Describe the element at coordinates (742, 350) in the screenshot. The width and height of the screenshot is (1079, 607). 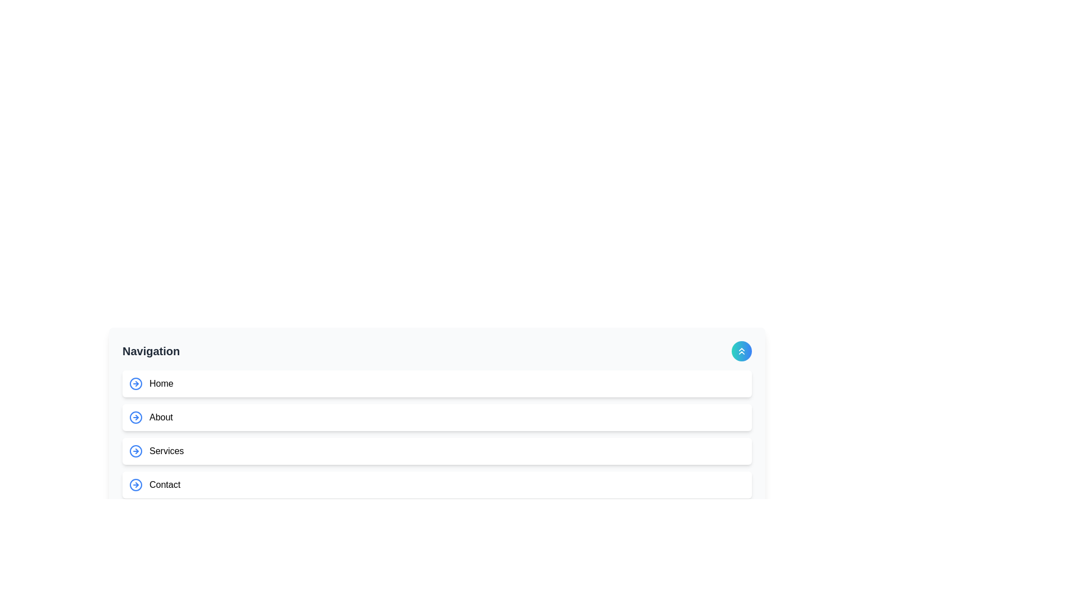
I see `the circular button with a gradient teal to blue fill and a white chevron icon, located at the far right of the 'Navigation' header bar` at that location.